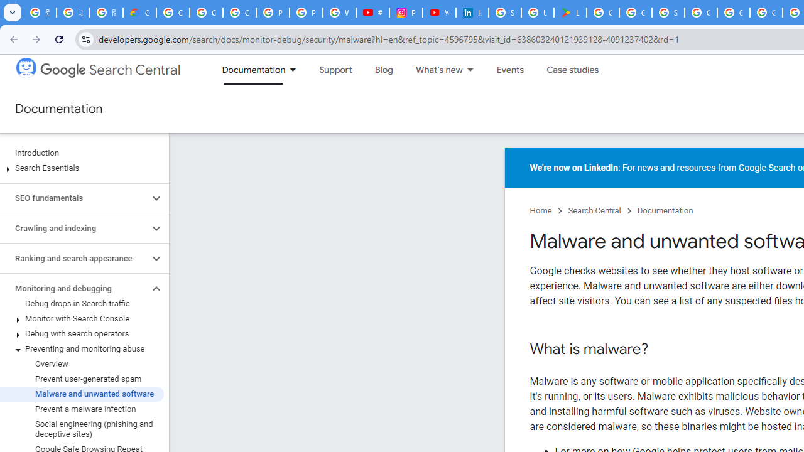 Image resolution: width=804 pixels, height=452 pixels. What do you see at coordinates (510, 70) in the screenshot?
I see `'Events'` at bounding box center [510, 70].